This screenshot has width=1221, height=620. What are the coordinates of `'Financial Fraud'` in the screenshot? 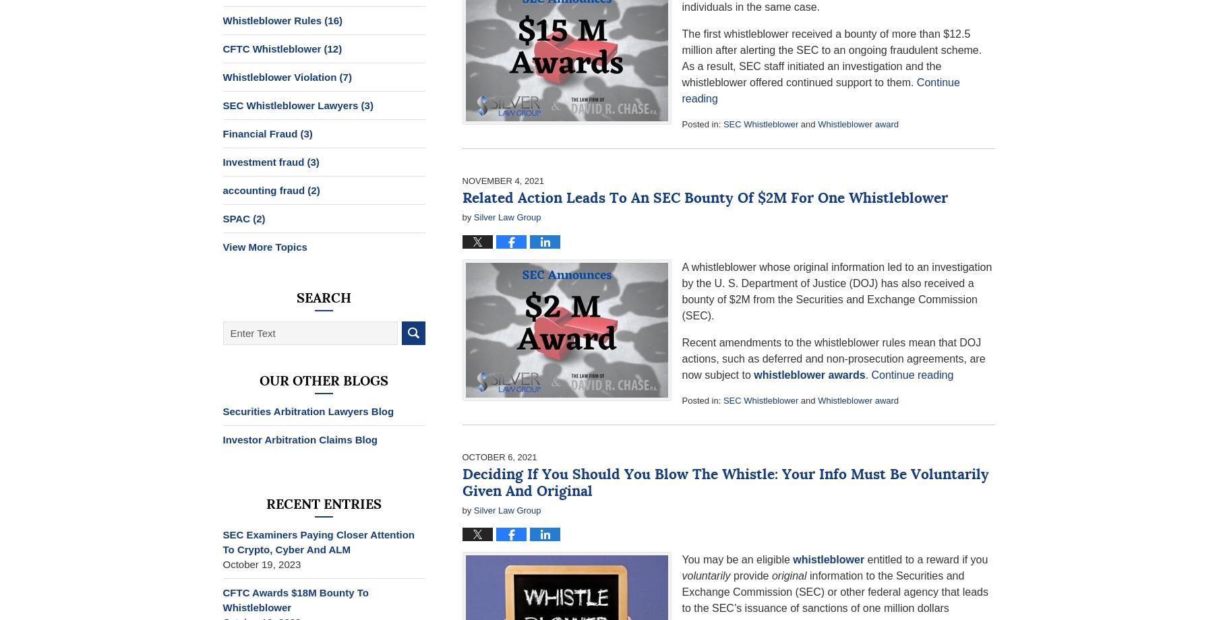 It's located at (260, 133).